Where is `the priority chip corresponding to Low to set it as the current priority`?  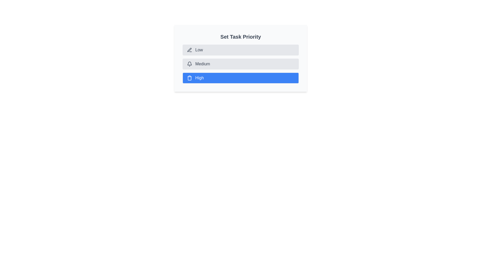
the priority chip corresponding to Low to set it as the current priority is located at coordinates (240, 50).